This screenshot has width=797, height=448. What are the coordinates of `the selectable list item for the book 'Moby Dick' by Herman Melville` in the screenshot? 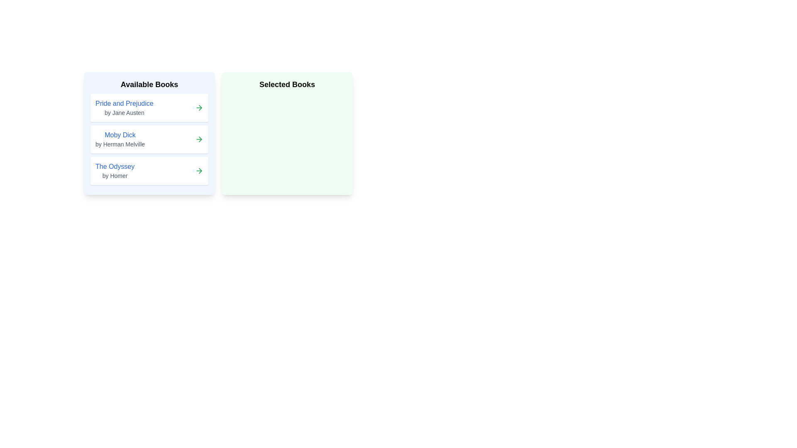 It's located at (149, 139).